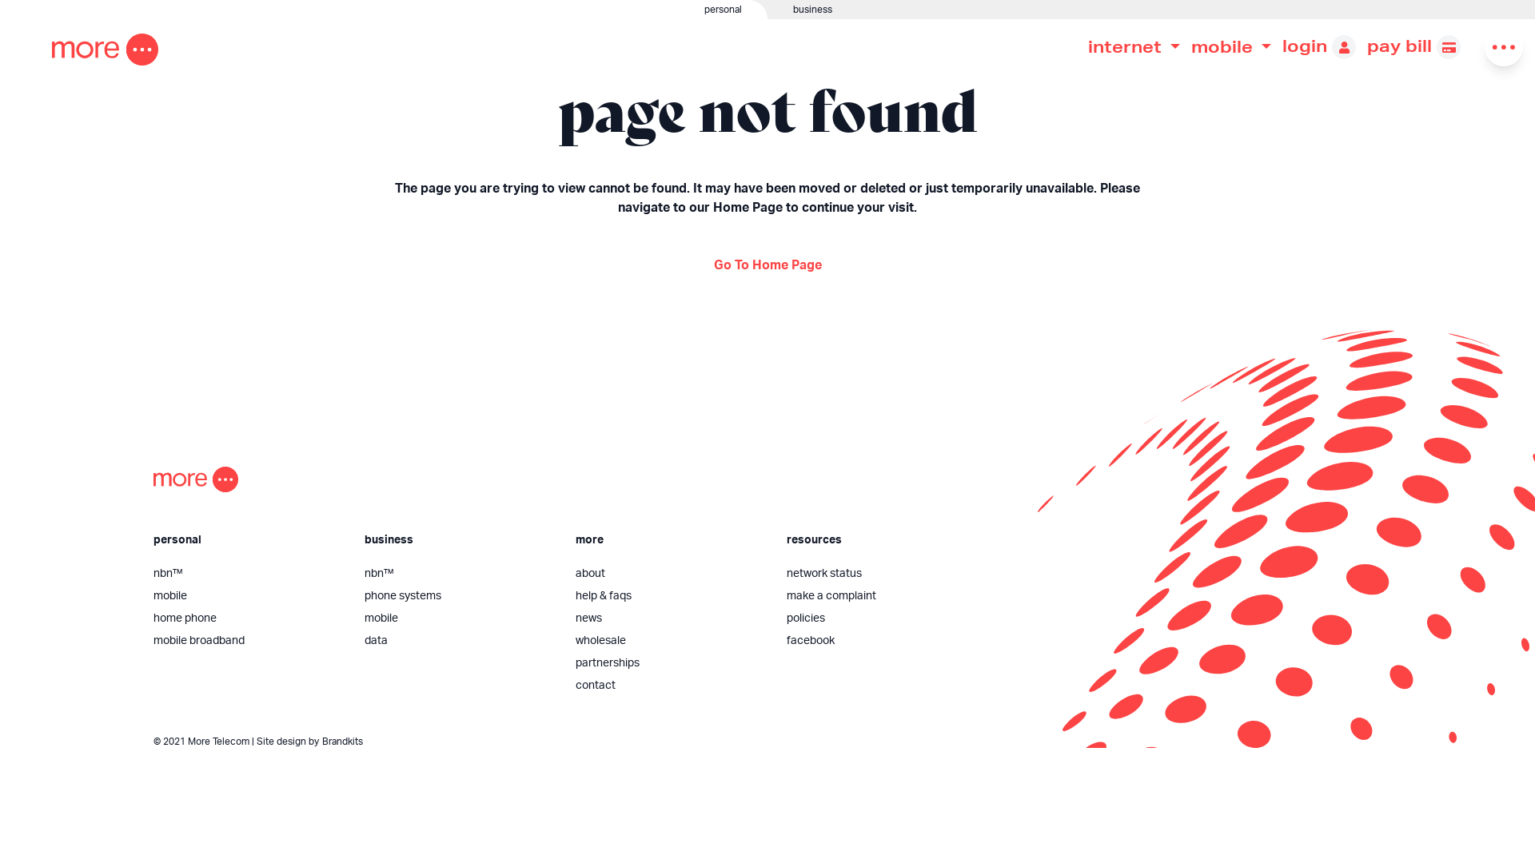 The height and width of the screenshot is (863, 1535). Describe the element at coordinates (245, 640) in the screenshot. I see `'mobile broadband'` at that location.